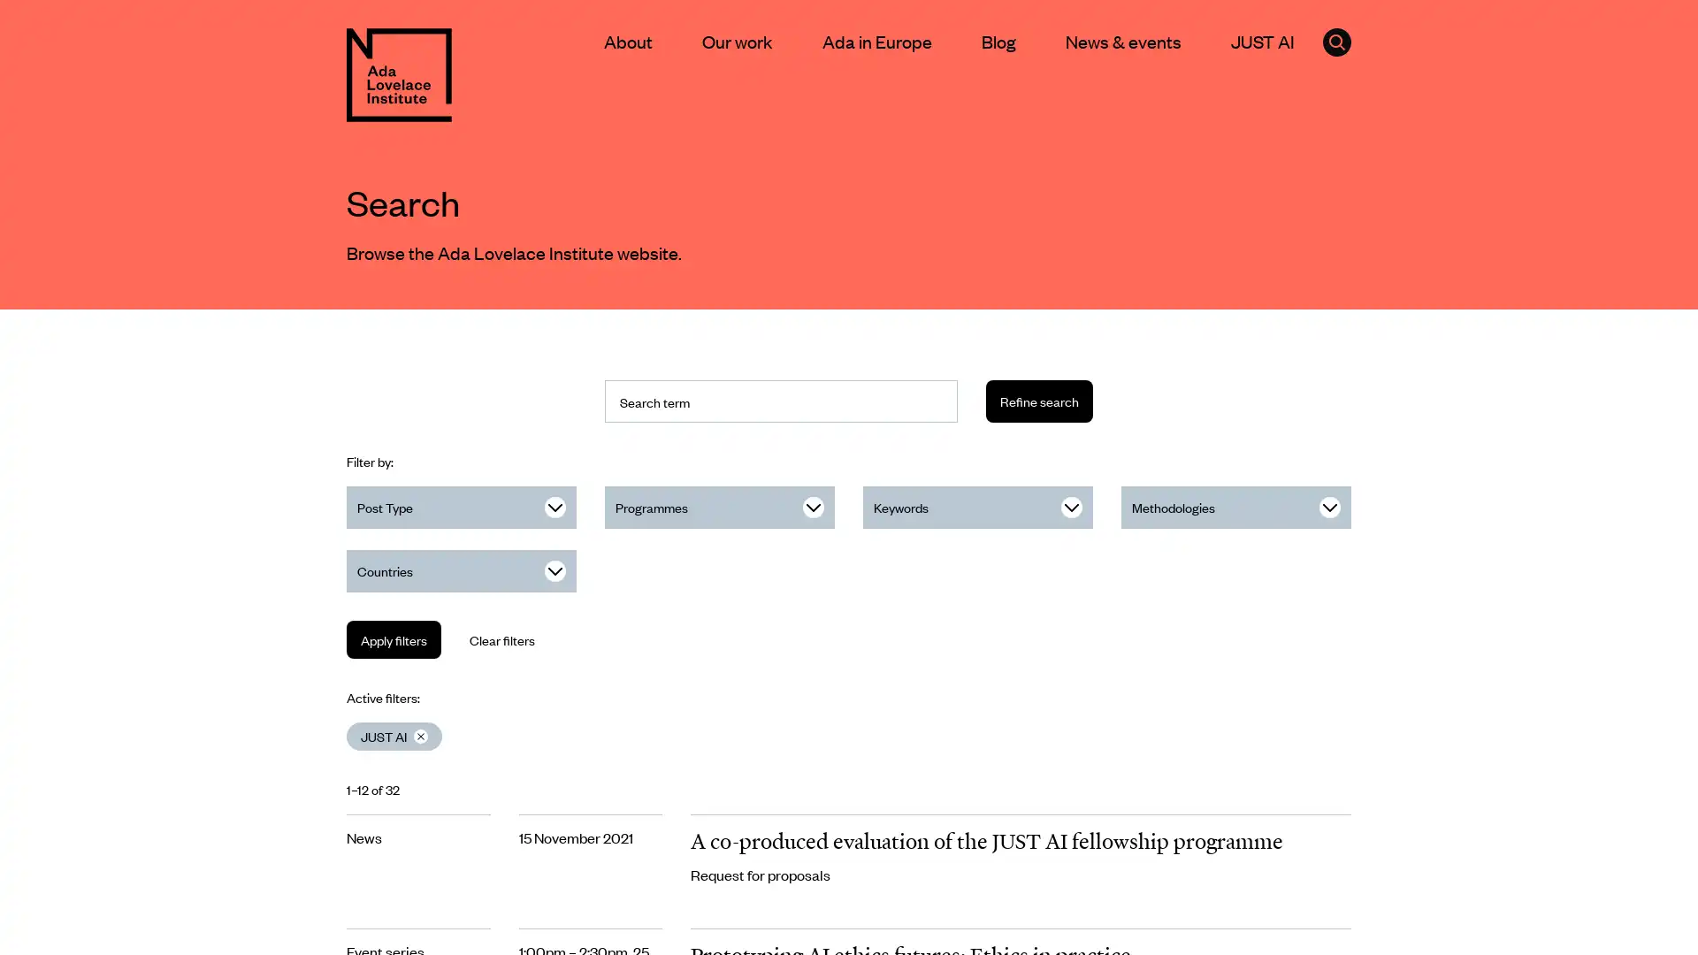 The width and height of the screenshot is (1698, 955). What do you see at coordinates (394, 737) in the screenshot?
I see `Clear JUST AI filter` at bounding box center [394, 737].